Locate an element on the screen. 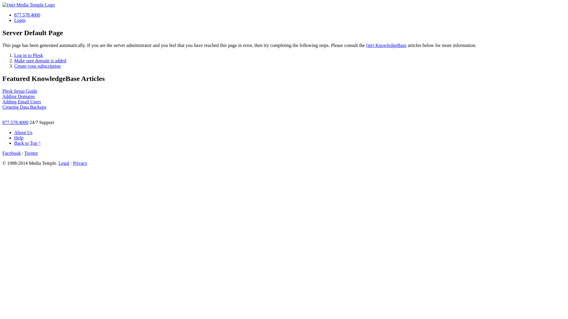  'Log in to Plesk' is located at coordinates (28, 55).